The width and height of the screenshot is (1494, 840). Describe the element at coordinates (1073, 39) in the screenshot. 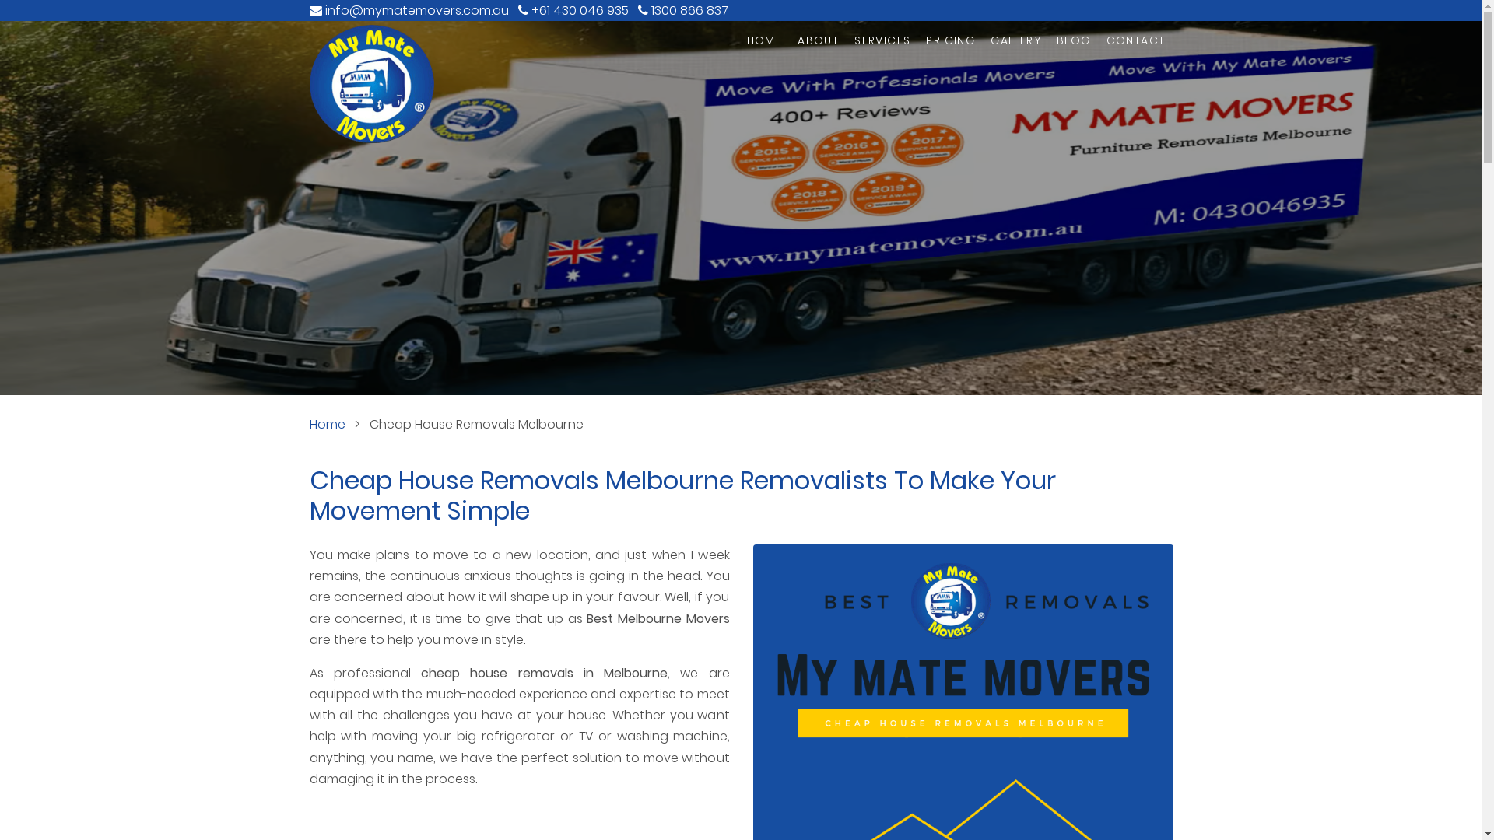

I see `'BLOG'` at that location.